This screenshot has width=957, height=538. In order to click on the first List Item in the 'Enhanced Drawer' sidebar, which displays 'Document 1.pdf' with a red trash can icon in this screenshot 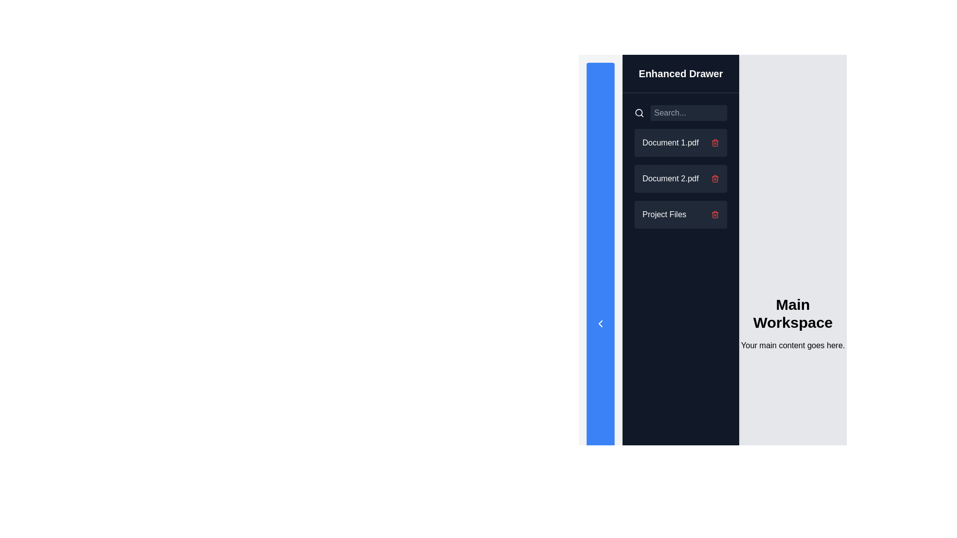, I will do `click(680, 142)`.